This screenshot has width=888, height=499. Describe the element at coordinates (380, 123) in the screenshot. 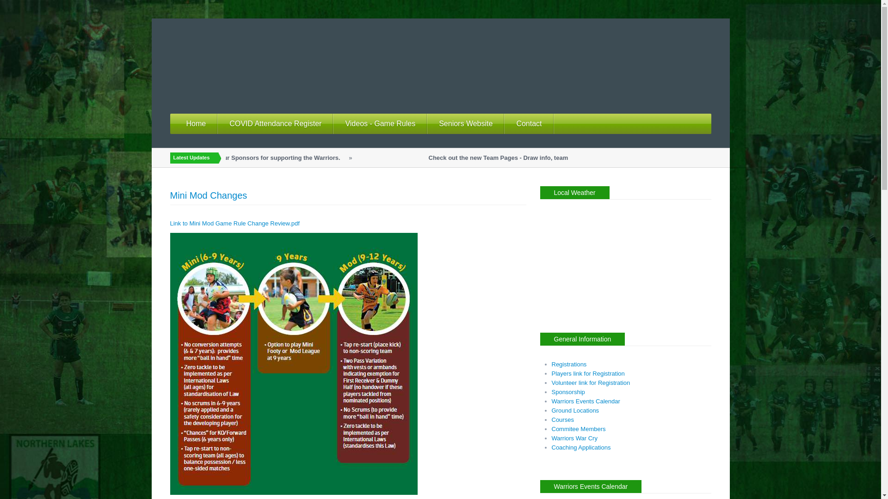

I see `'Videos - Game Rules'` at that location.